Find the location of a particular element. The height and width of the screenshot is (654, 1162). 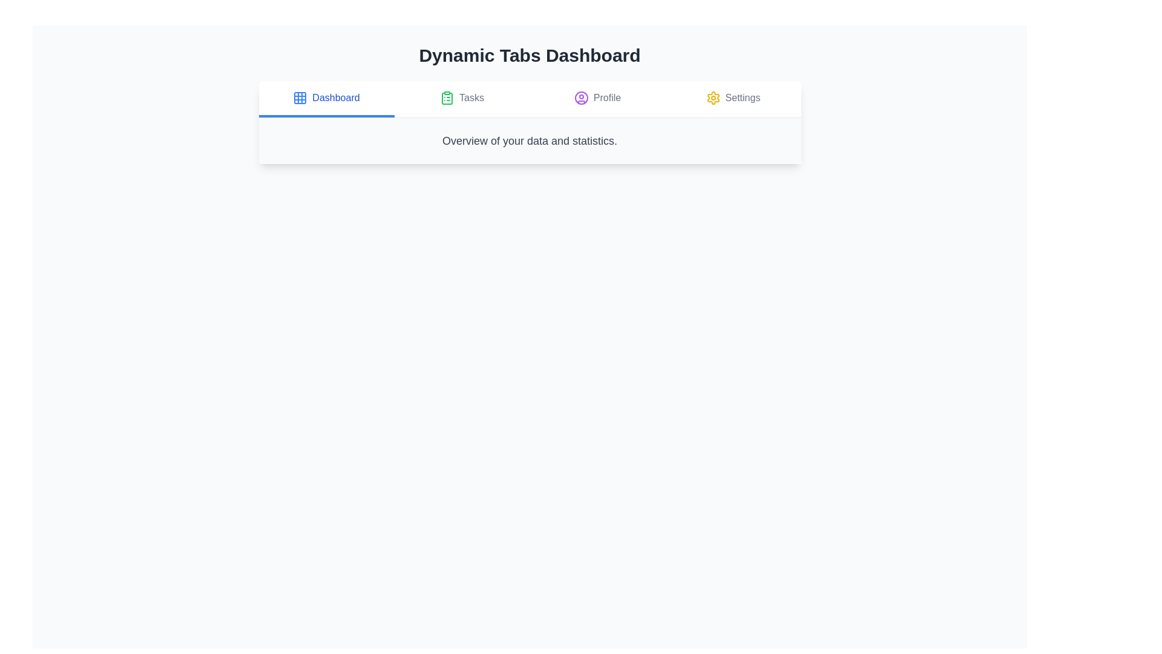

the settings button located on the far right of the horizontal navigation bar is located at coordinates (732, 99).